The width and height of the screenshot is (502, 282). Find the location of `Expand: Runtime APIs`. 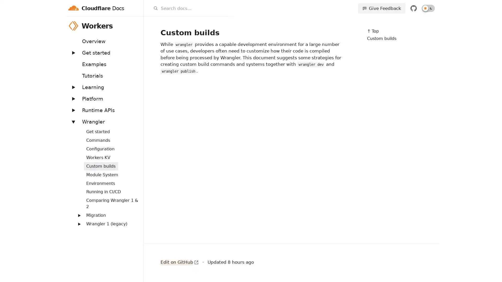

Expand: Runtime APIs is located at coordinates (73, 110).